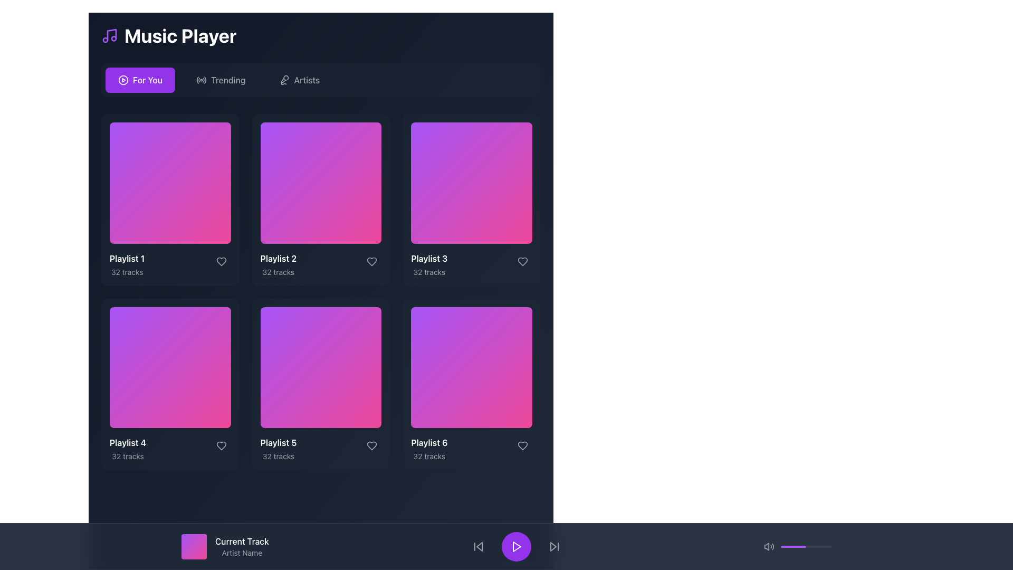  Describe the element at coordinates (516, 546) in the screenshot. I see `the circular purple button with a white play icon located in the bottom navigation bar to play the media` at that location.